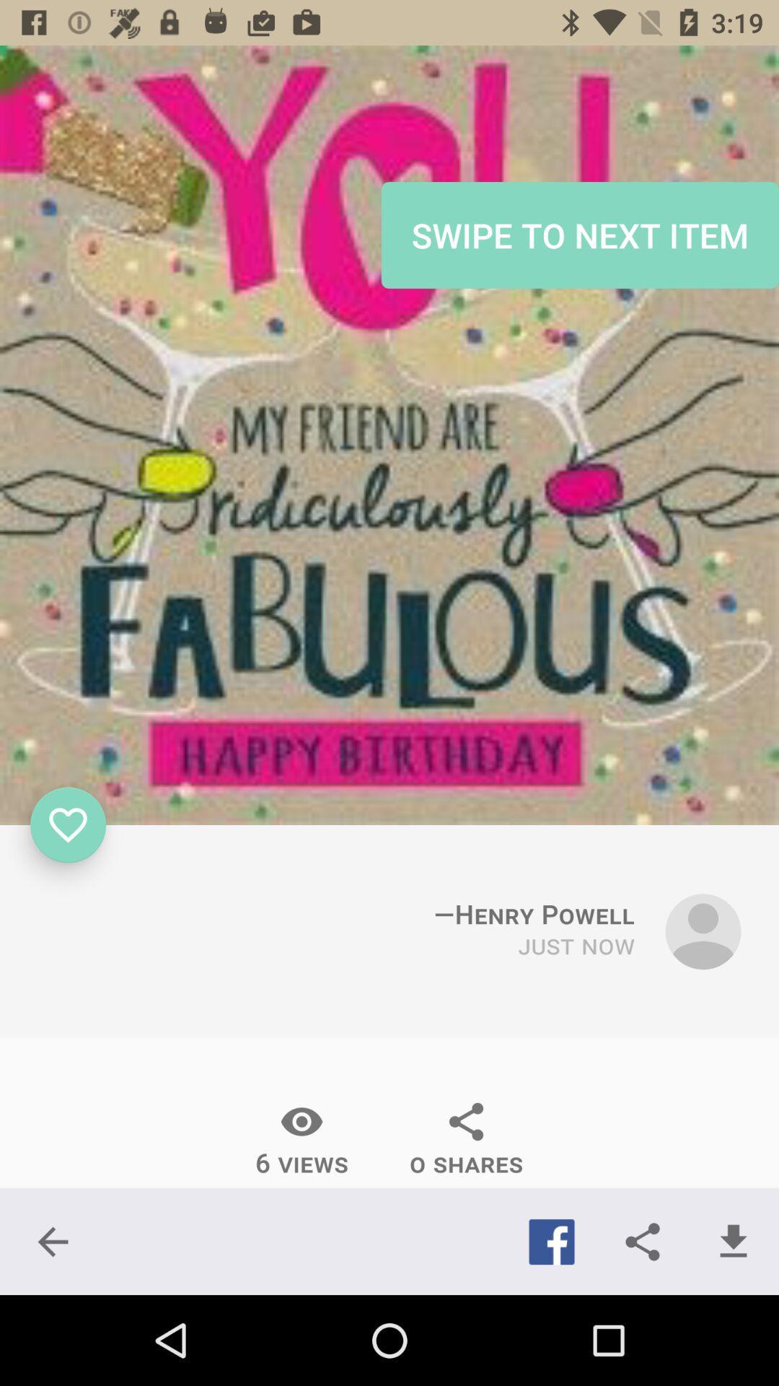 This screenshot has height=1386, width=779. What do you see at coordinates (703, 932) in the screenshot?
I see `people icon` at bounding box center [703, 932].